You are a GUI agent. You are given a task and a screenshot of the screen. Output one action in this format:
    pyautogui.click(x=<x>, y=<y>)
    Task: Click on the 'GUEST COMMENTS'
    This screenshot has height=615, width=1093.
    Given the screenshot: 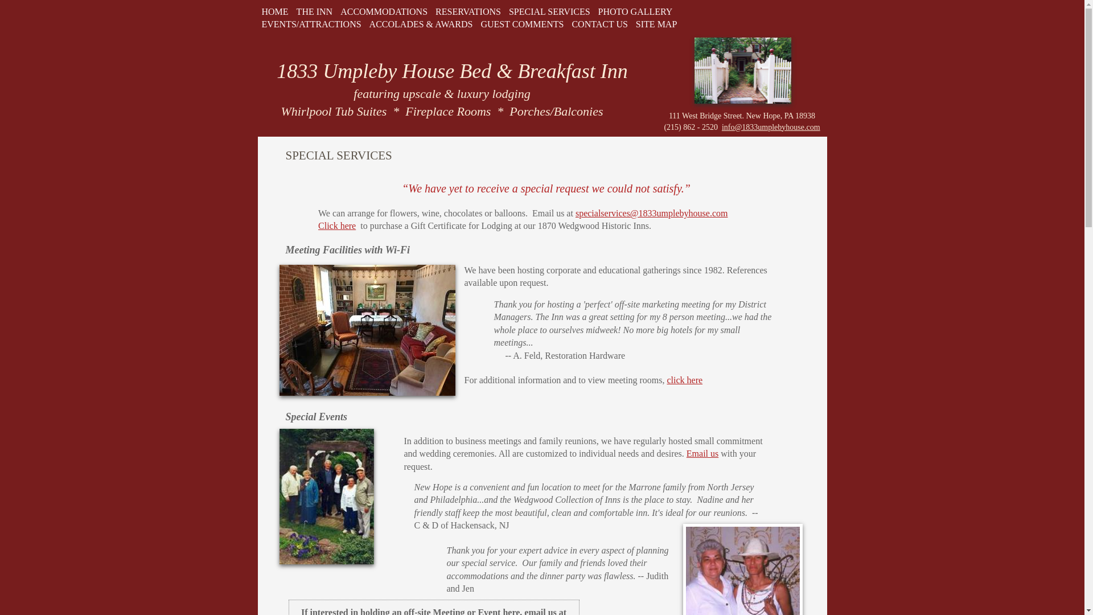 What is the action you would take?
    pyautogui.click(x=521, y=24)
    